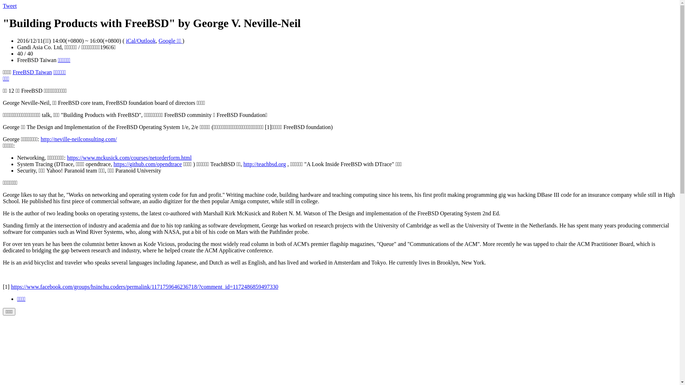 The height and width of the screenshot is (385, 685). What do you see at coordinates (78, 139) in the screenshot?
I see `'http://neville-neilconsulting.com/'` at bounding box center [78, 139].